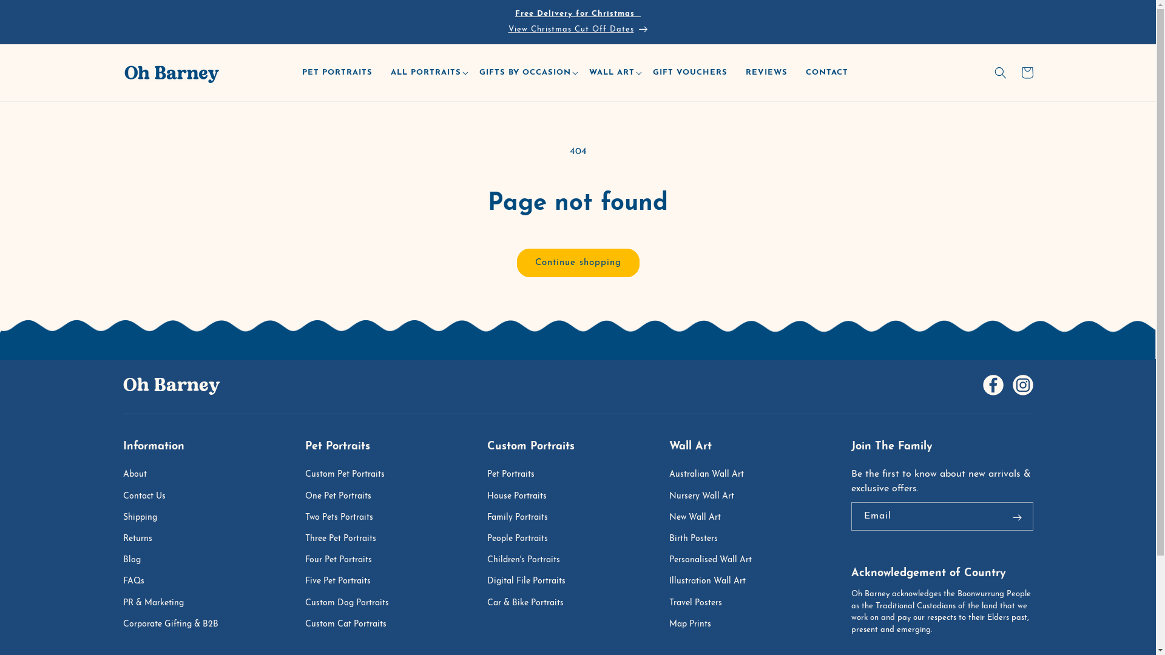 Image resolution: width=1165 pixels, height=655 pixels. I want to click on 'People Portraits', so click(523, 538).